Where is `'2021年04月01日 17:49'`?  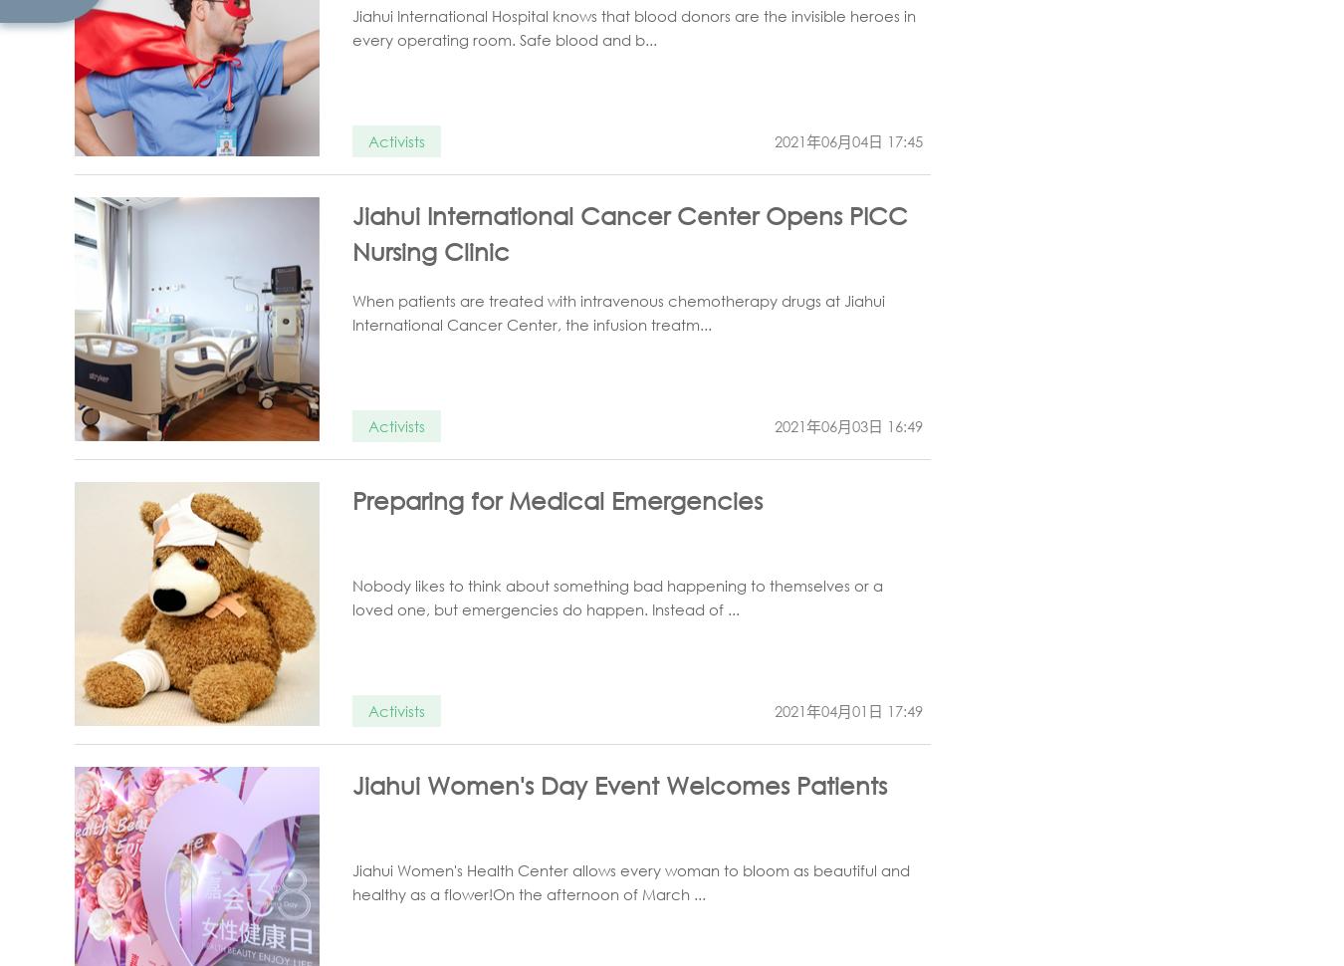 '2021年04月01日 17:49' is located at coordinates (774, 711).